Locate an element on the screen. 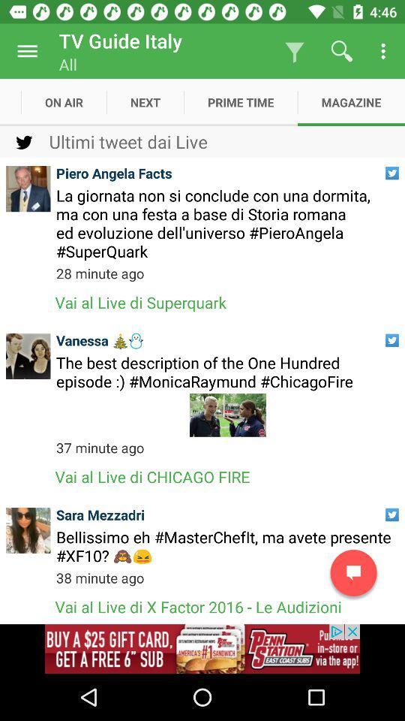 The height and width of the screenshot is (721, 405). the chat icon is located at coordinates (353, 572).